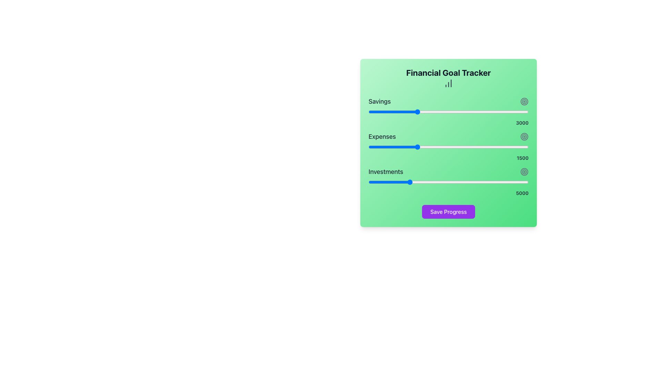  What do you see at coordinates (447, 111) in the screenshot?
I see `the Savings slider` at bounding box center [447, 111].